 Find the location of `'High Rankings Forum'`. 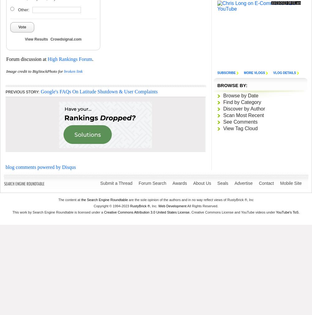

'High Rankings Forum' is located at coordinates (70, 58).